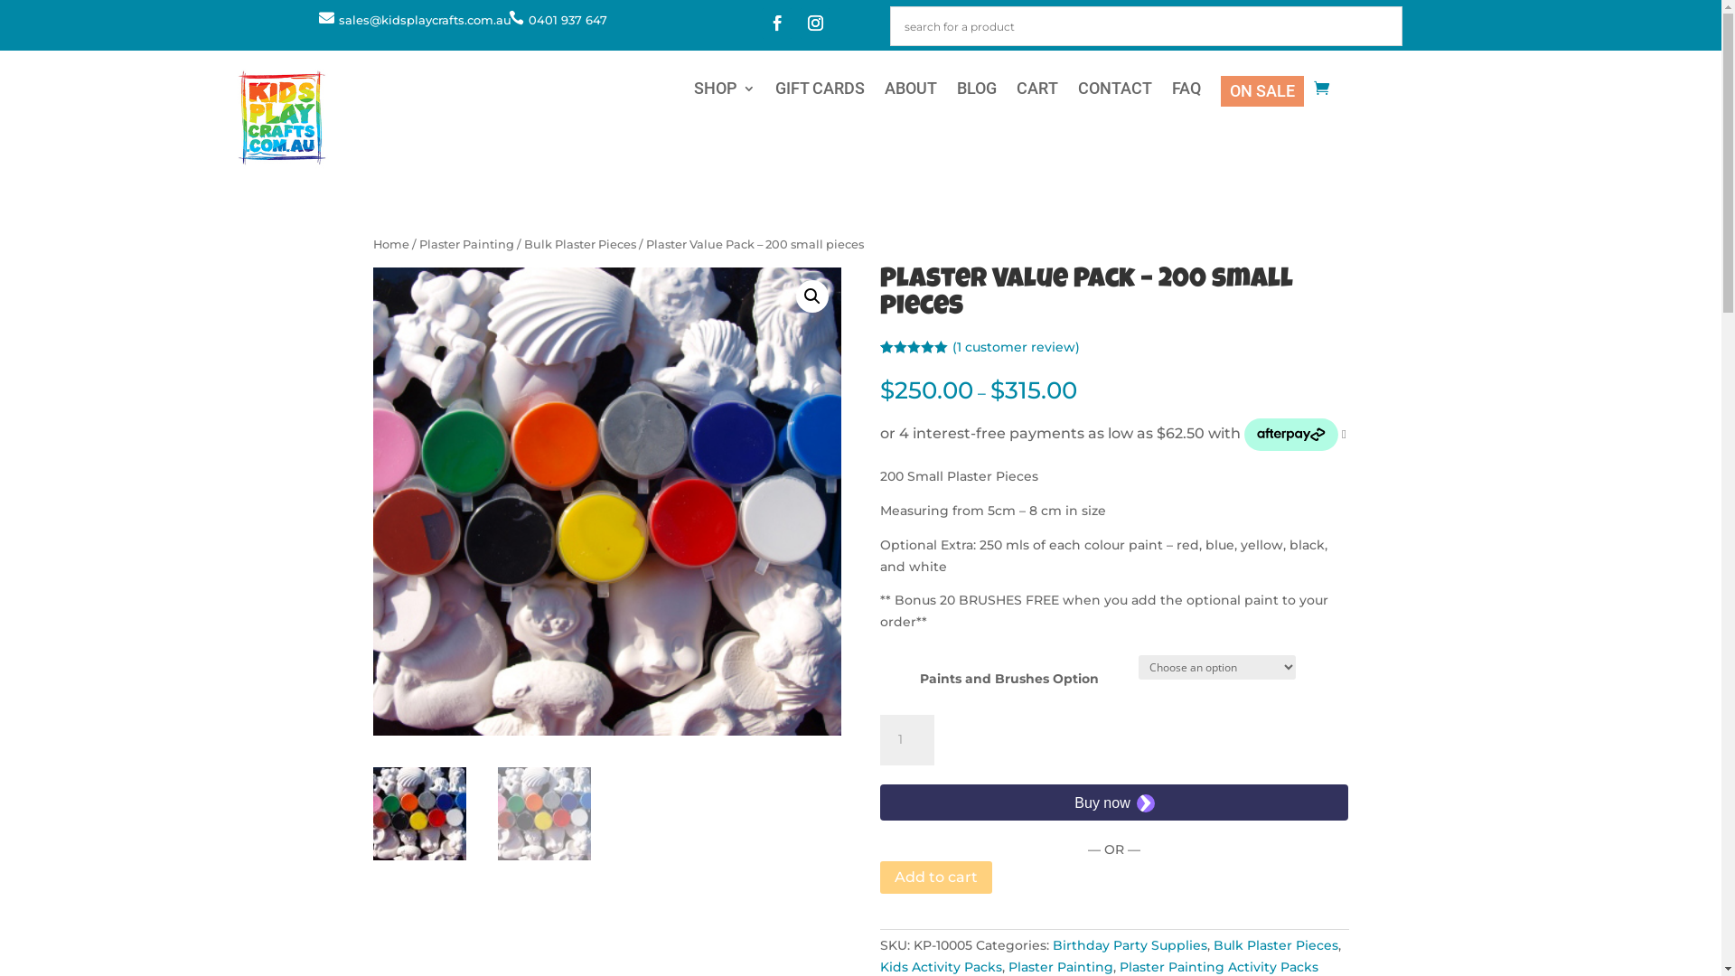 The width and height of the screenshot is (1735, 976). Describe the element at coordinates (776, 23) in the screenshot. I see `'Follow on Facebook'` at that location.